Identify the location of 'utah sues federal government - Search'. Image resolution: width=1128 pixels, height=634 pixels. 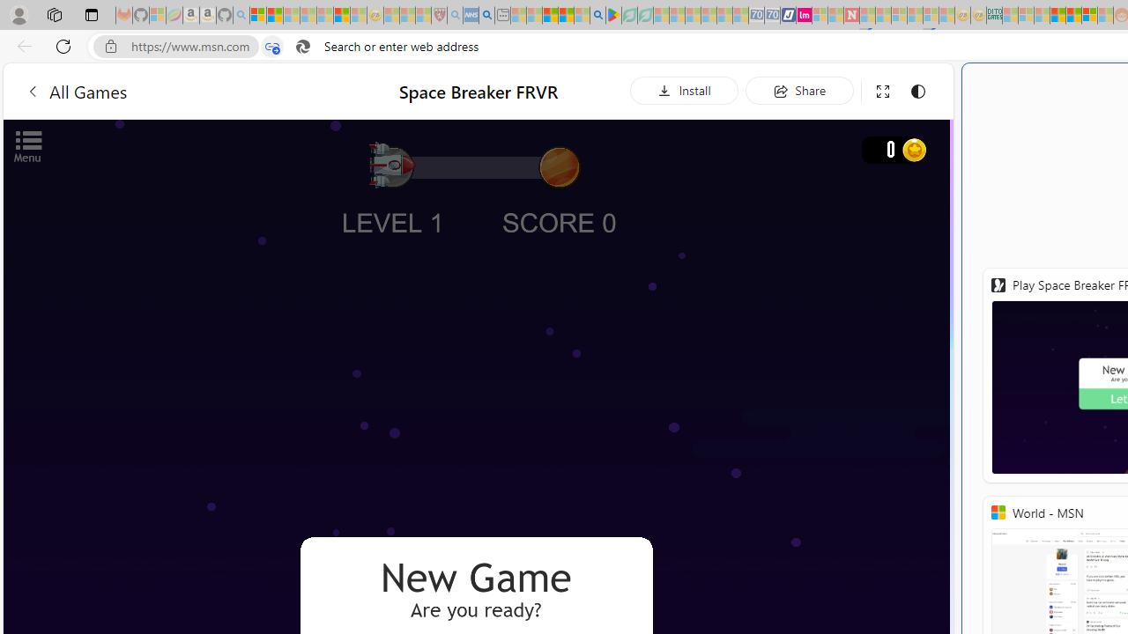
(486, 15).